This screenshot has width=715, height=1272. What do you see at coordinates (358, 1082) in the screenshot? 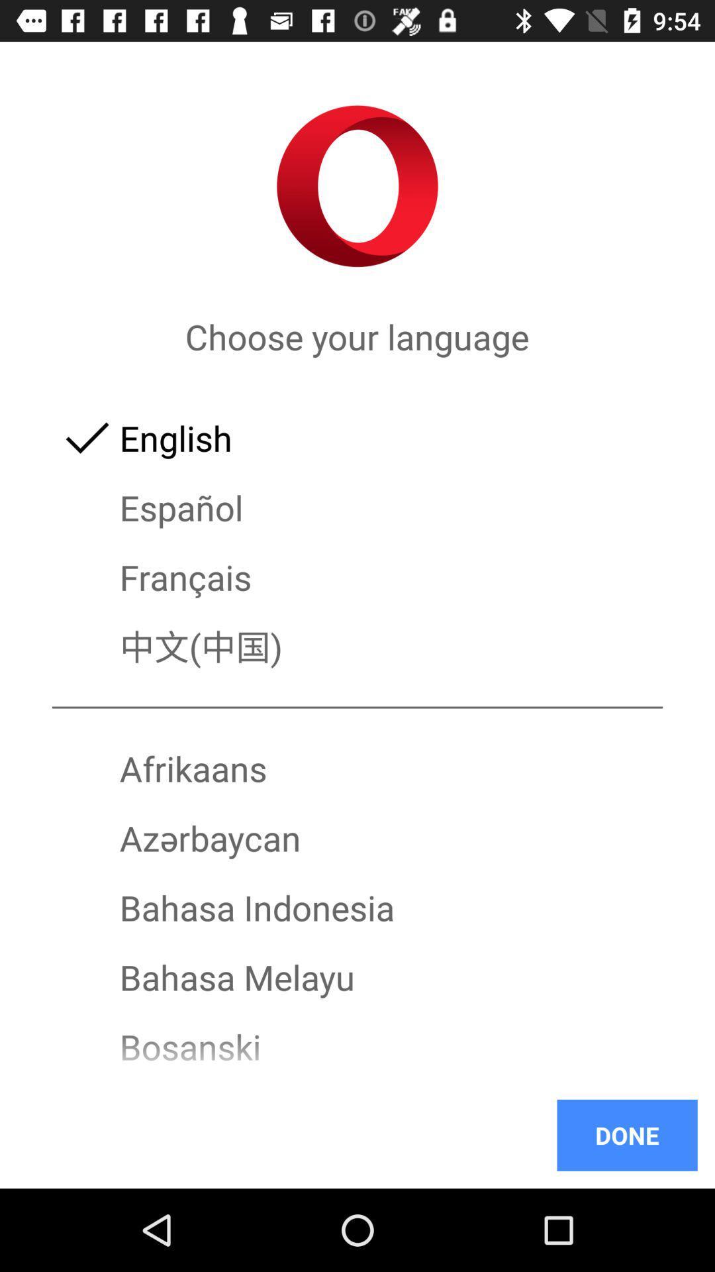
I see `icon below bosanski` at bounding box center [358, 1082].